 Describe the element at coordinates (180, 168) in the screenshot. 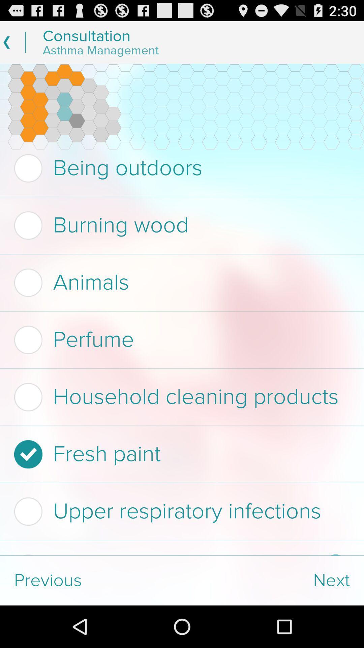

I see `the item above the burning wood` at that location.